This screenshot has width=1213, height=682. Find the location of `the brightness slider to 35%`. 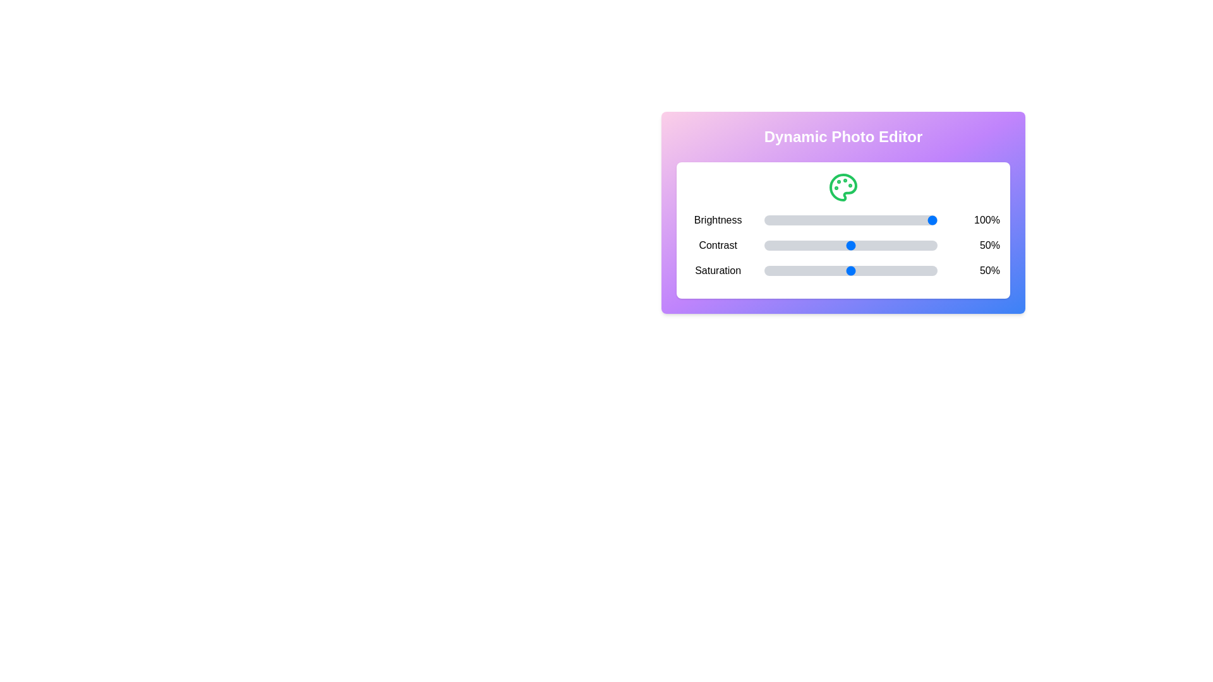

the brightness slider to 35% is located at coordinates (824, 219).